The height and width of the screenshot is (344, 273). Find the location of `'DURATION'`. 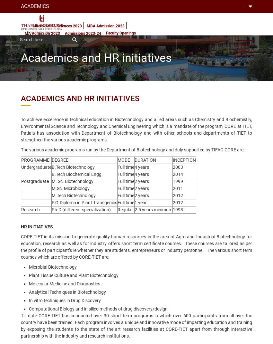

'DURATION' is located at coordinates (145, 160).